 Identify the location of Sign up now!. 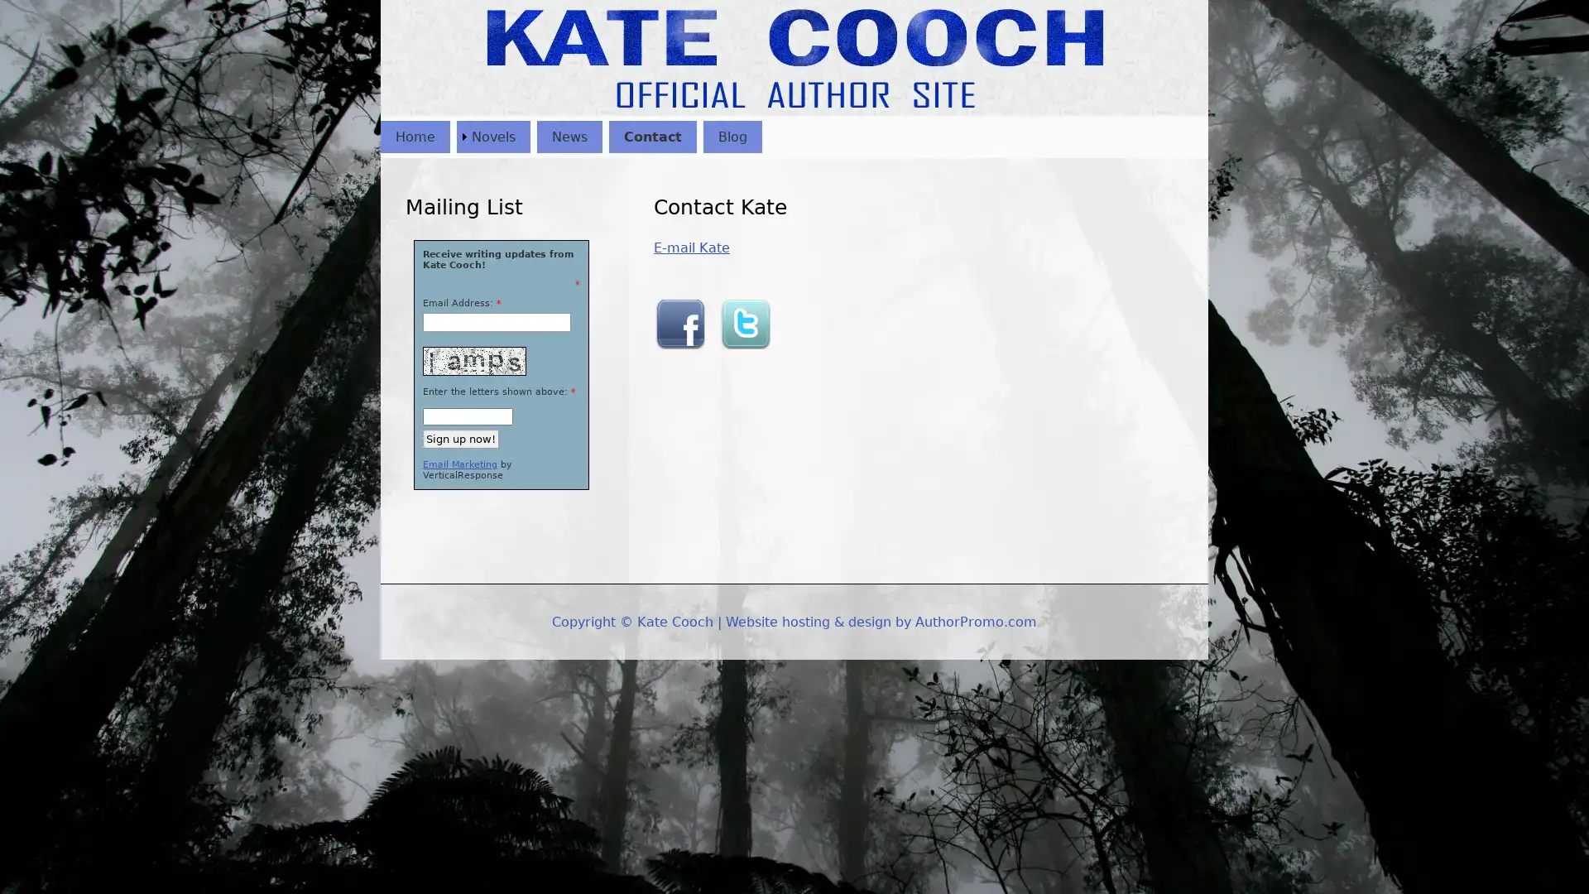
(460, 437).